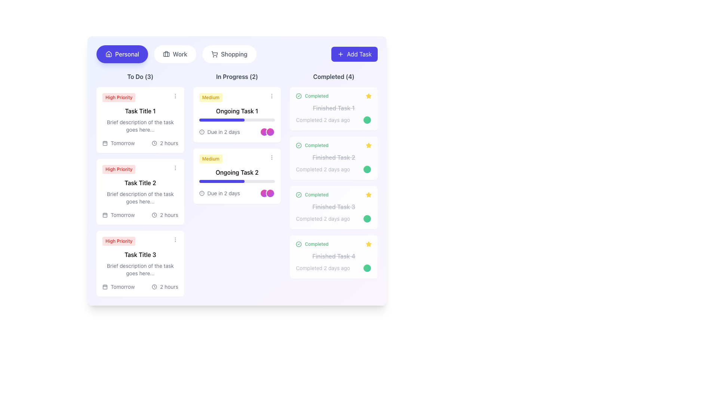 Image resolution: width=718 pixels, height=404 pixels. Describe the element at coordinates (270, 132) in the screenshot. I see `the second circular Decorative Indicator located near the bottom right corner of the 'Ongoing Task 1' card in the 'In Progress' section` at that location.